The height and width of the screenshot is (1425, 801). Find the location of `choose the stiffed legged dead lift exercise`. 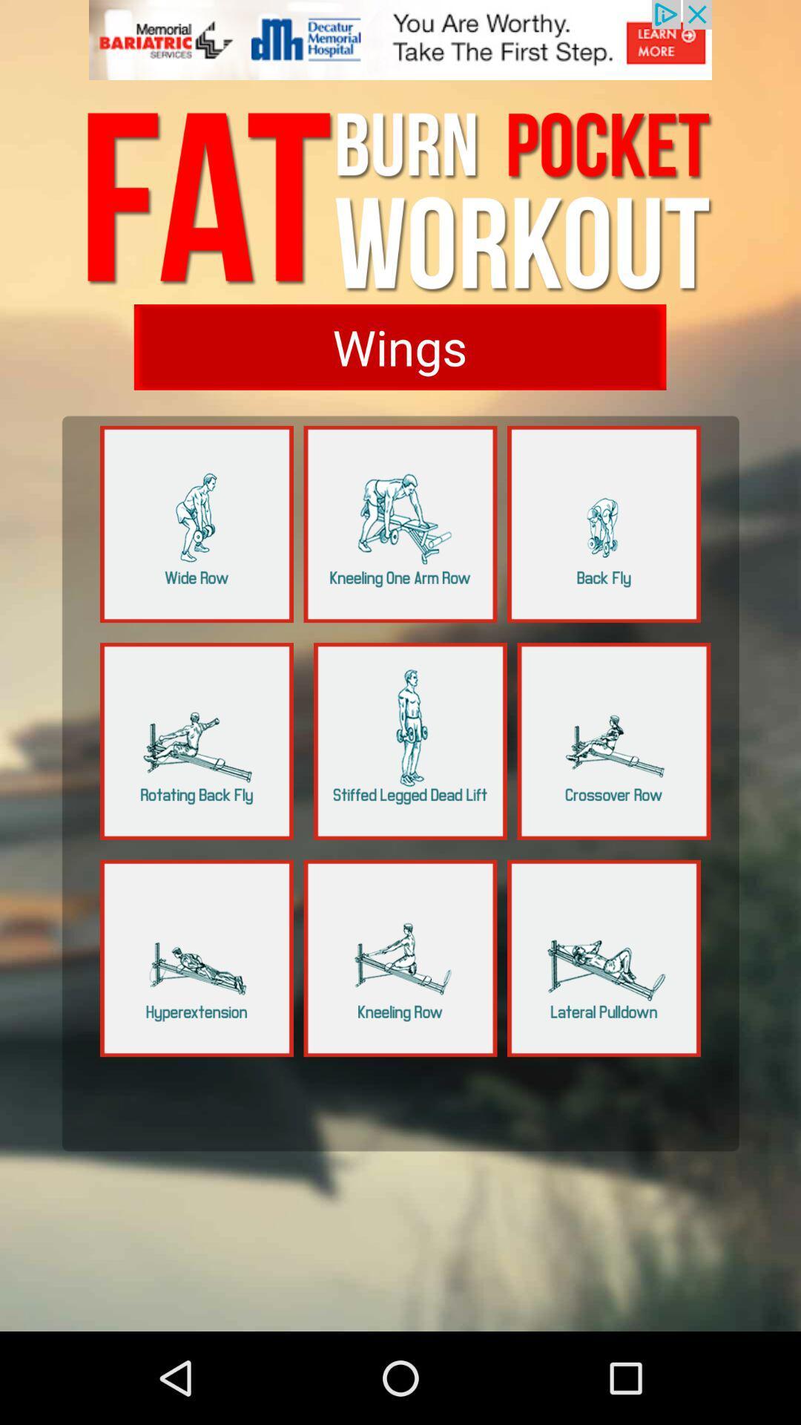

choose the stiffed legged dead lift exercise is located at coordinates (410, 741).